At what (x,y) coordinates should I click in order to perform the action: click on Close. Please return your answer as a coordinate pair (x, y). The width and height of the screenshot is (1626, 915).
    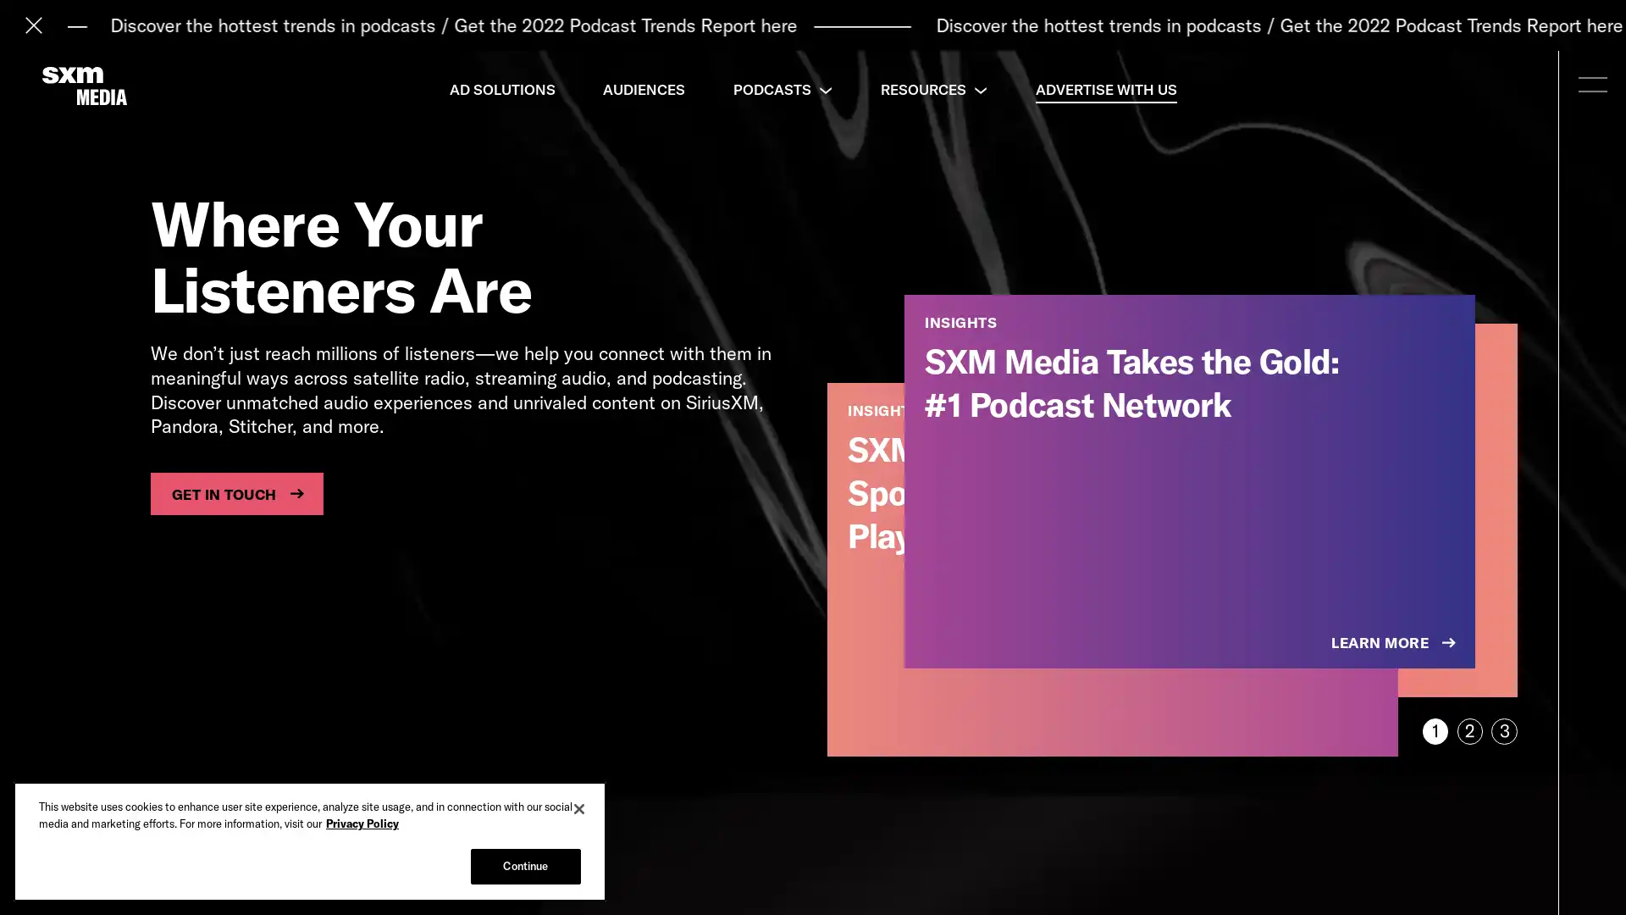
    Looking at the image, I should click on (579, 808).